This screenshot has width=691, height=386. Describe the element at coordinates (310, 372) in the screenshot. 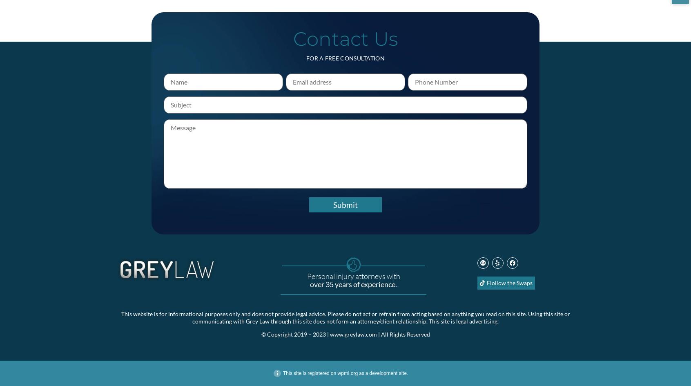

I see `'This site is registered on'` at that location.